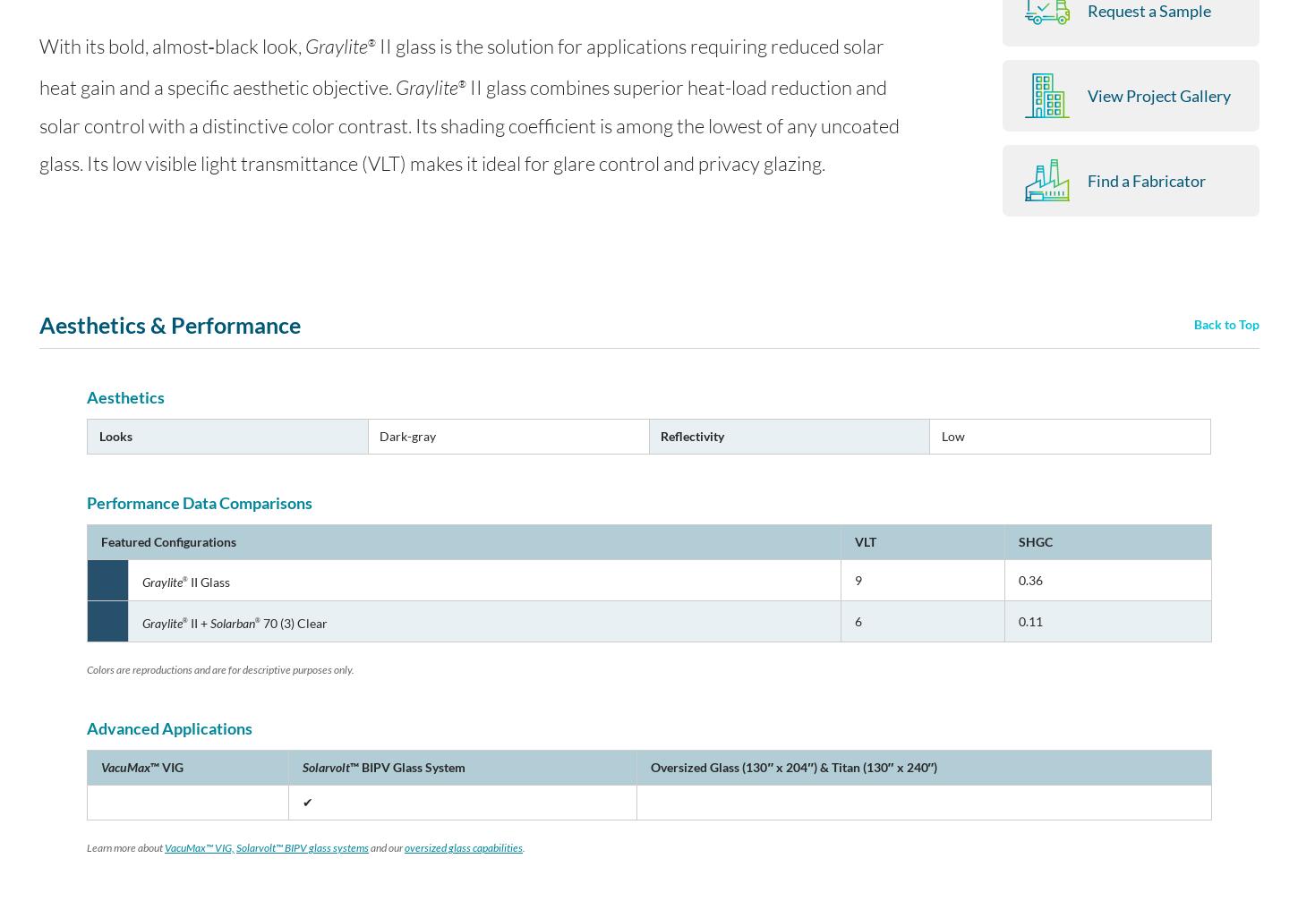 This screenshot has width=1298, height=901. Describe the element at coordinates (644, 788) in the screenshot. I see `'This website stores cookies on your computer. These cookies are used to collect information about how you interact with our website and allow us to improve and customize your browsing experience and for analytics and metrics about our visitors both on this website and other media. To find out more about the cookies we use, see our Privacy Policy.'` at that location.